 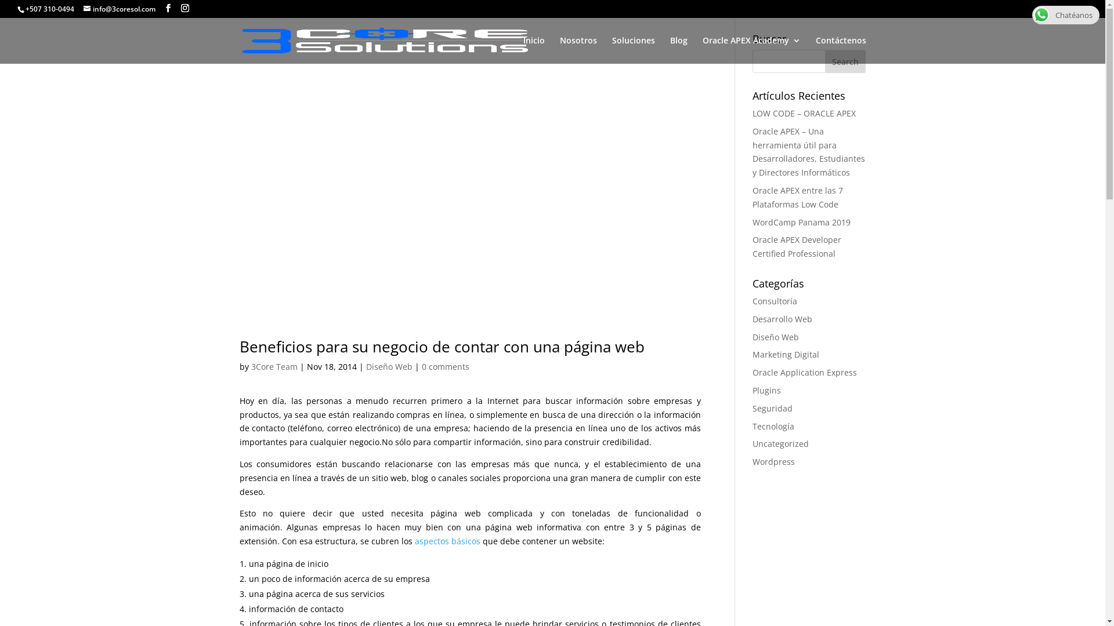 I want to click on '0 comments', so click(x=444, y=366).